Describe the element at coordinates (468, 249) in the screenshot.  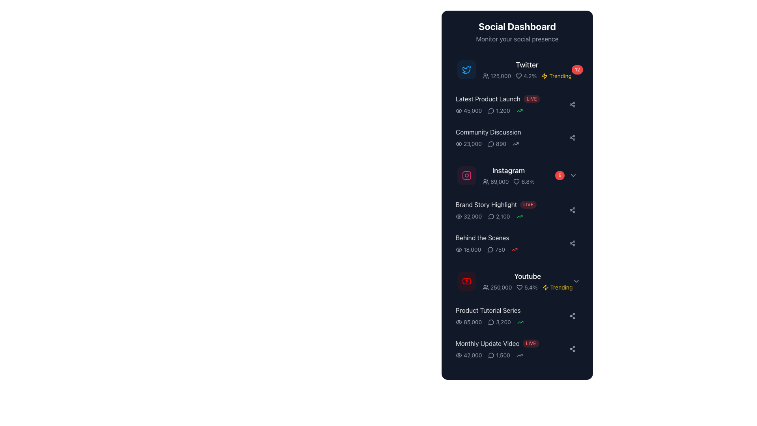
I see `the numeric label displaying '18,000' that is styled in gray and is part of the 'Behind the Scenes' section, located to the right of an eye icon and left of another label displaying '750'` at that location.